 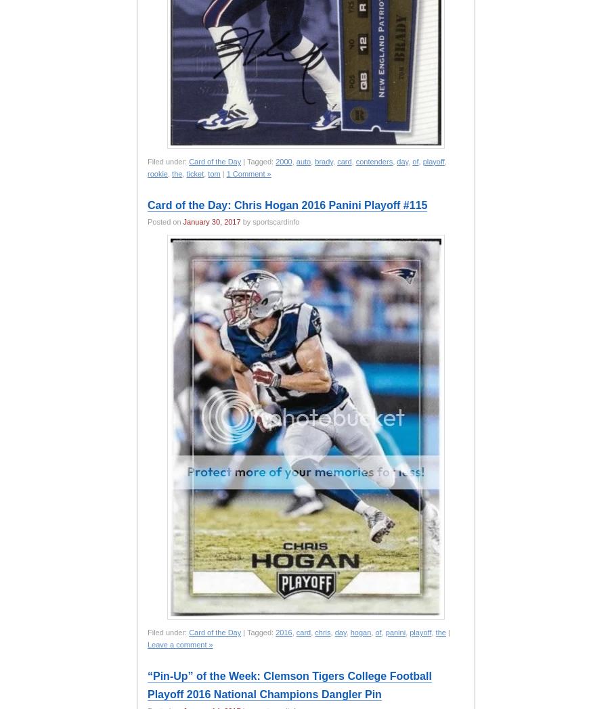 I want to click on 'ticket', so click(x=185, y=173).